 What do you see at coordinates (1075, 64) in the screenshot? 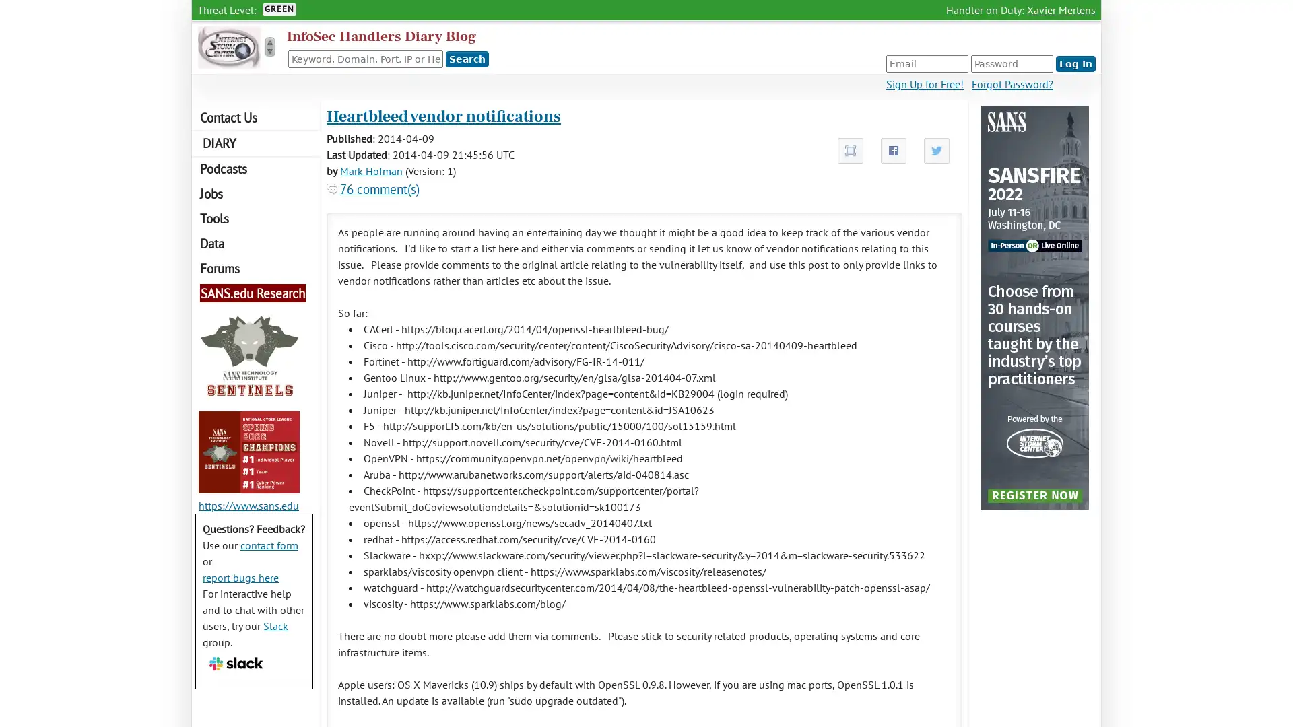
I see `Log In` at bounding box center [1075, 64].